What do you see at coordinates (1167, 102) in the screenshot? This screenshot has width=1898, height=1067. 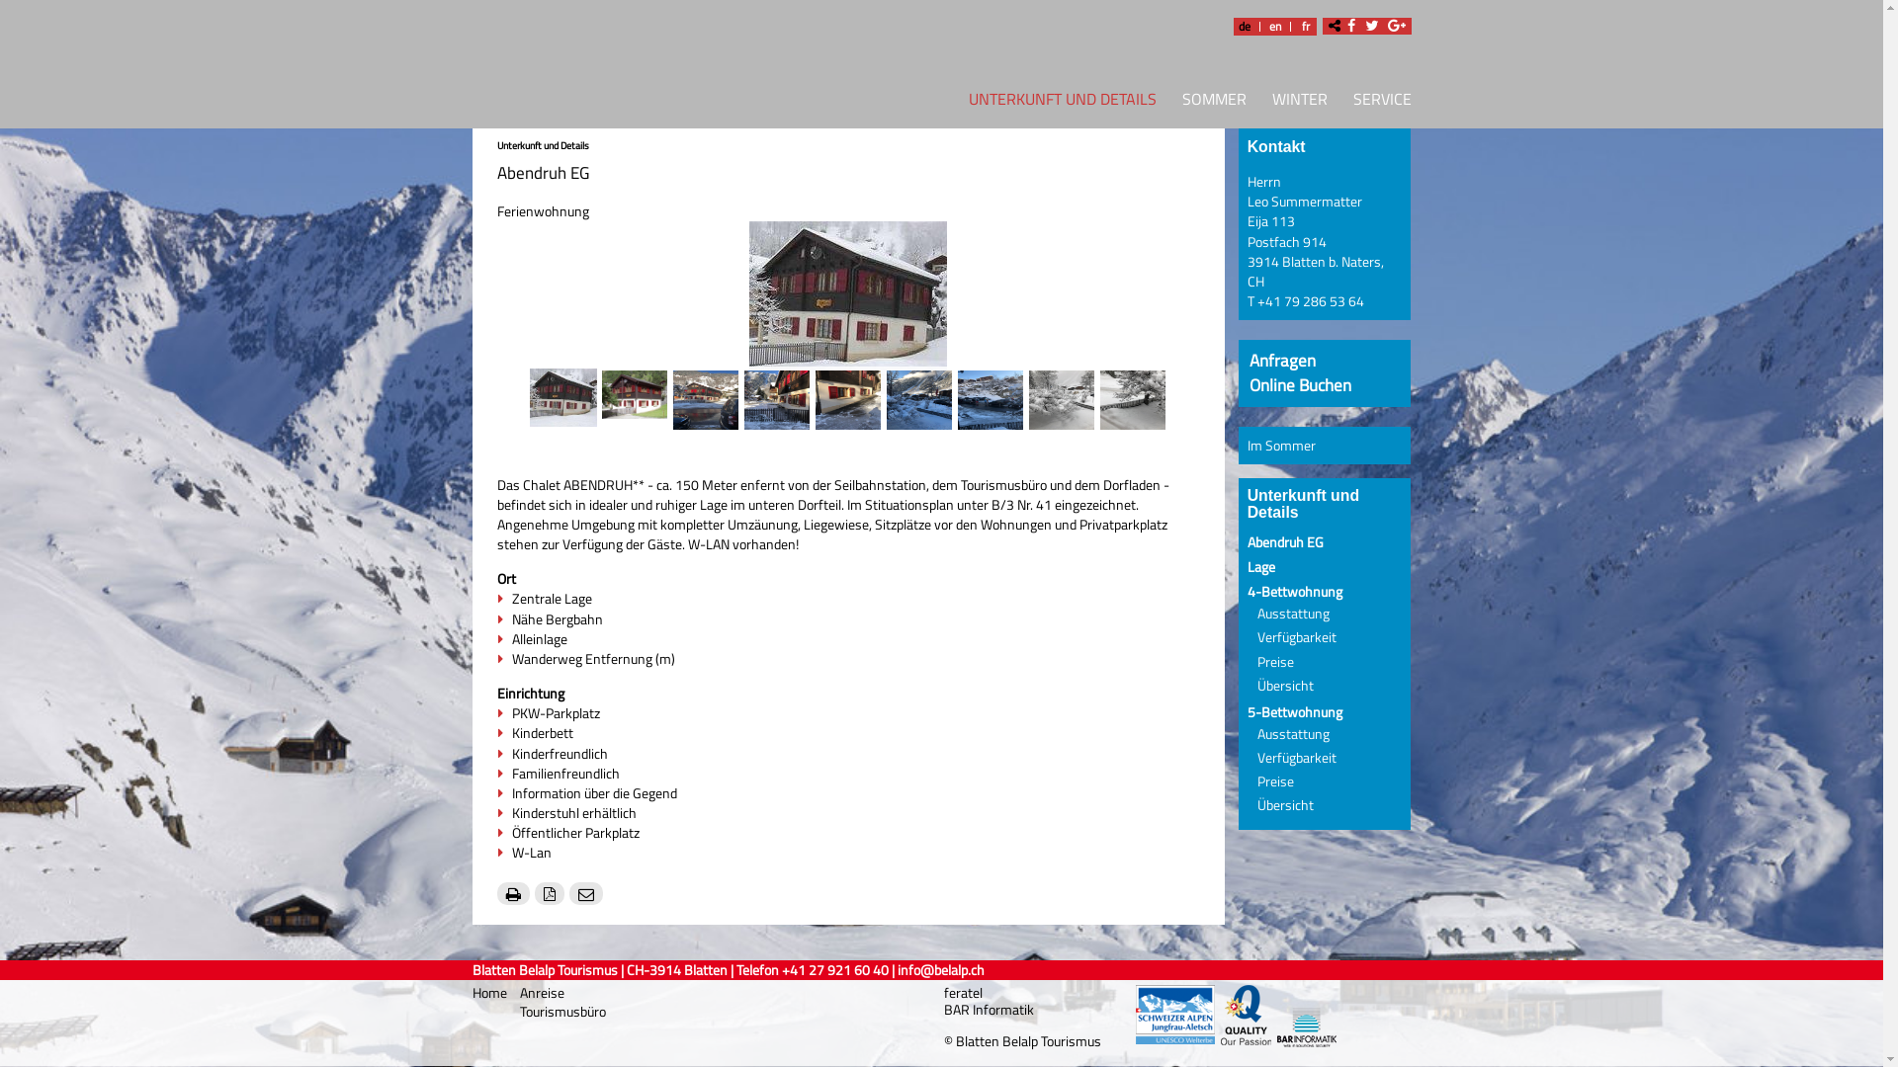 I see `'SOMMER'` at bounding box center [1167, 102].